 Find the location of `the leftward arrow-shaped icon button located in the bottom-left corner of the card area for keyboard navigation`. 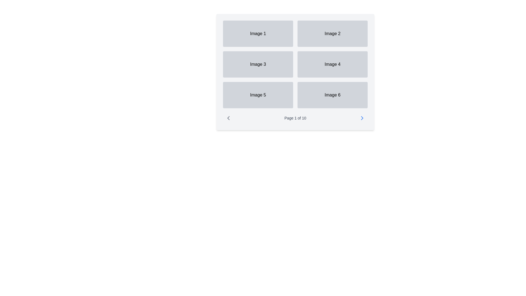

the leftward arrow-shaped icon button located in the bottom-left corner of the card area for keyboard navigation is located at coordinates (228, 118).